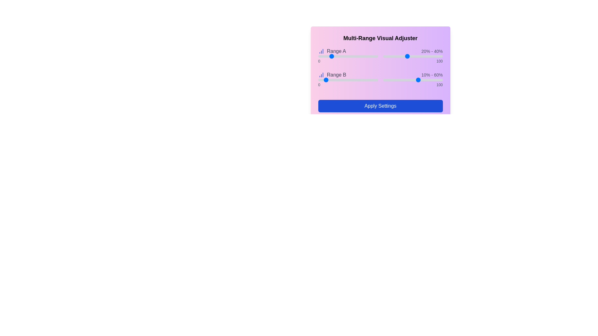  I want to click on the slider, so click(360, 56).